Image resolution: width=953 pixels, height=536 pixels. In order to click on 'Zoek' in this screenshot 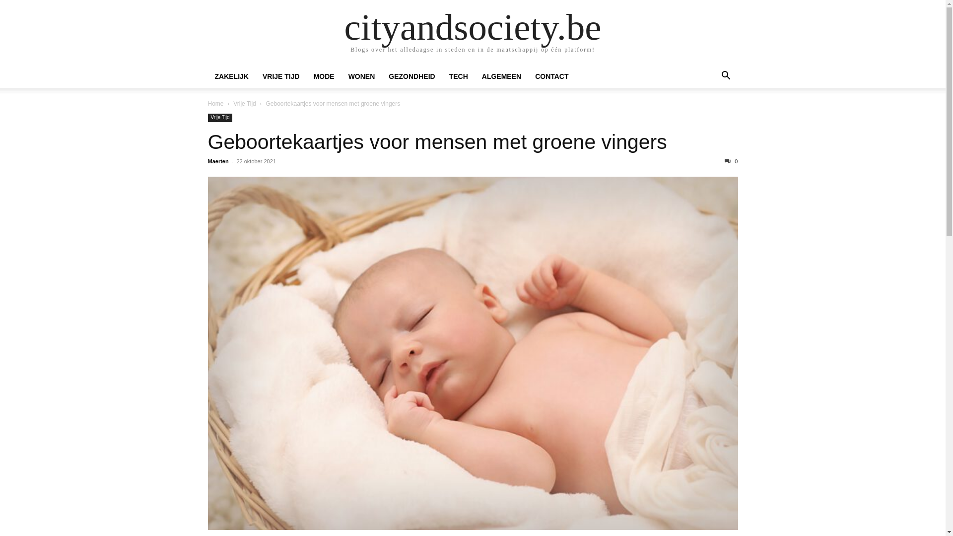, I will do `click(711, 116)`.